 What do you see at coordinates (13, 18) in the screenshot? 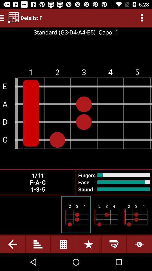
I see `item to the left of details: f` at bounding box center [13, 18].